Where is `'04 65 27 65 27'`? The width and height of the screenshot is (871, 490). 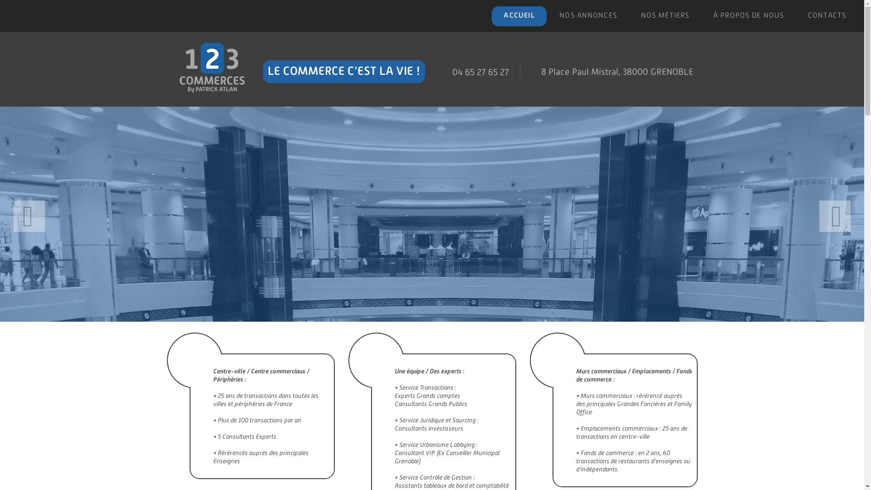 '04 65 27 65 27' is located at coordinates (452, 71).